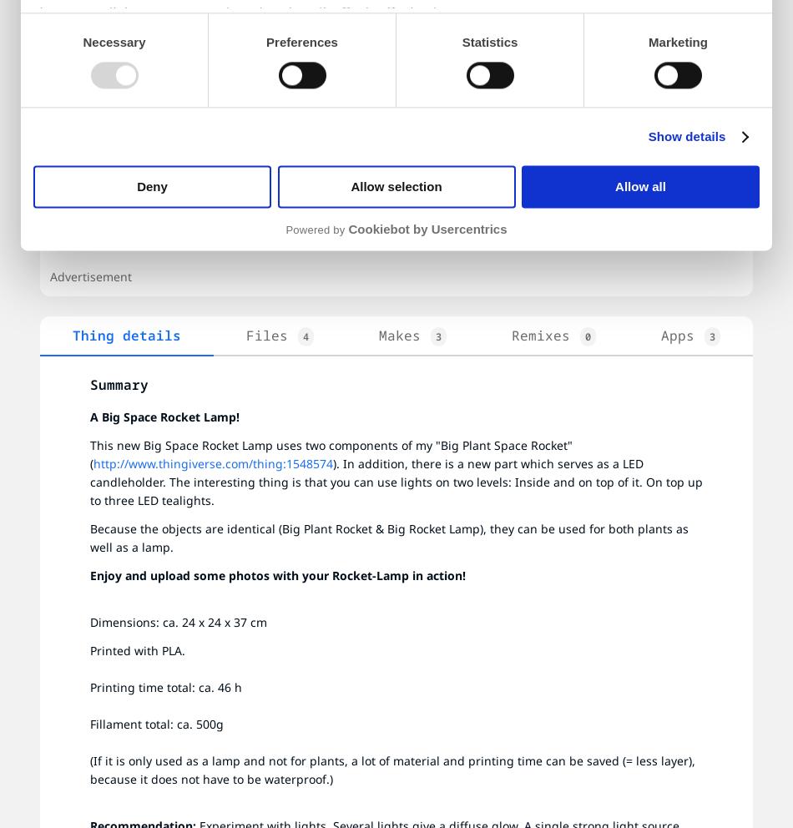 Image resolution: width=793 pixels, height=828 pixels. What do you see at coordinates (593, 73) in the screenshot?
I see `'Watch'` at bounding box center [593, 73].